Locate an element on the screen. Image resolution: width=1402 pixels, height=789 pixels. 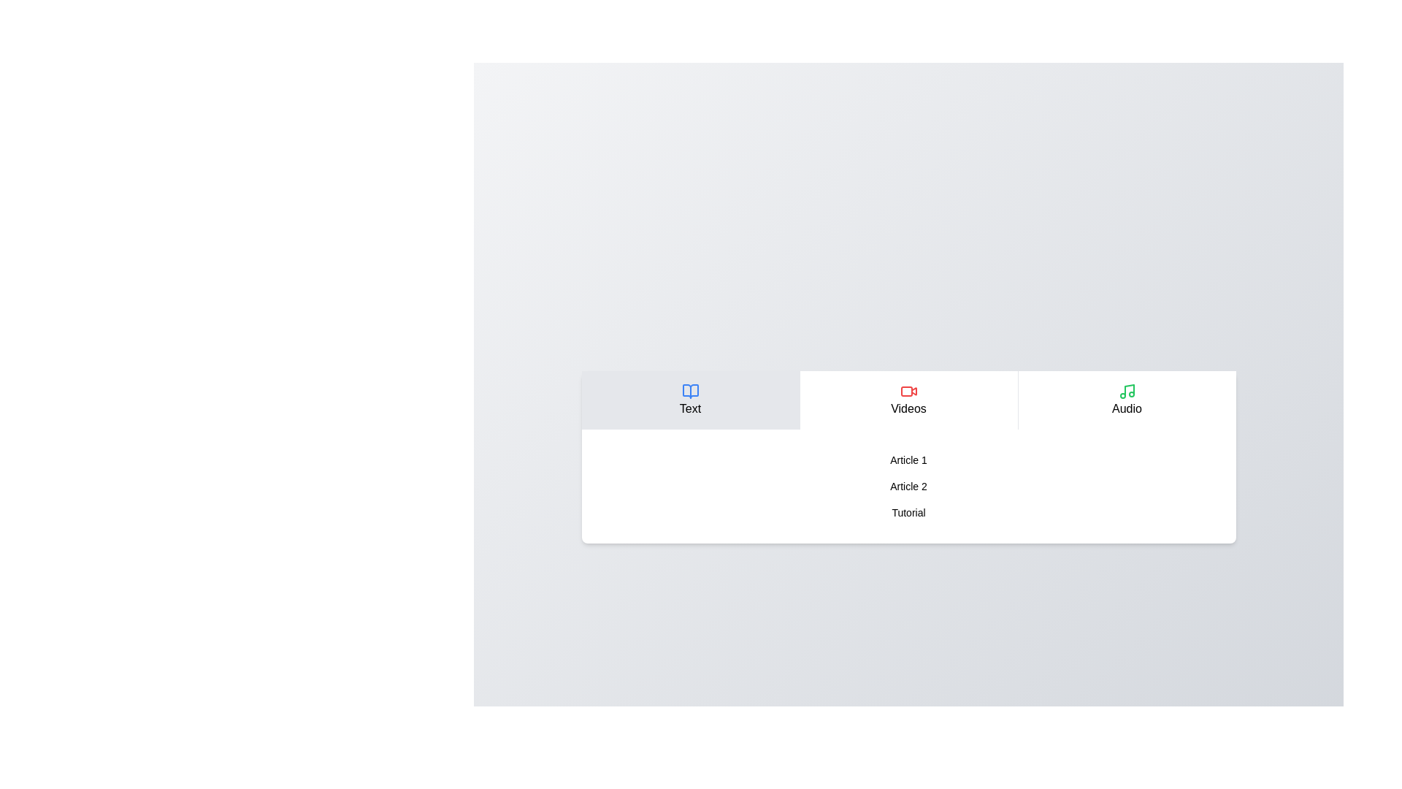
the Audio tab is located at coordinates (1125, 400).